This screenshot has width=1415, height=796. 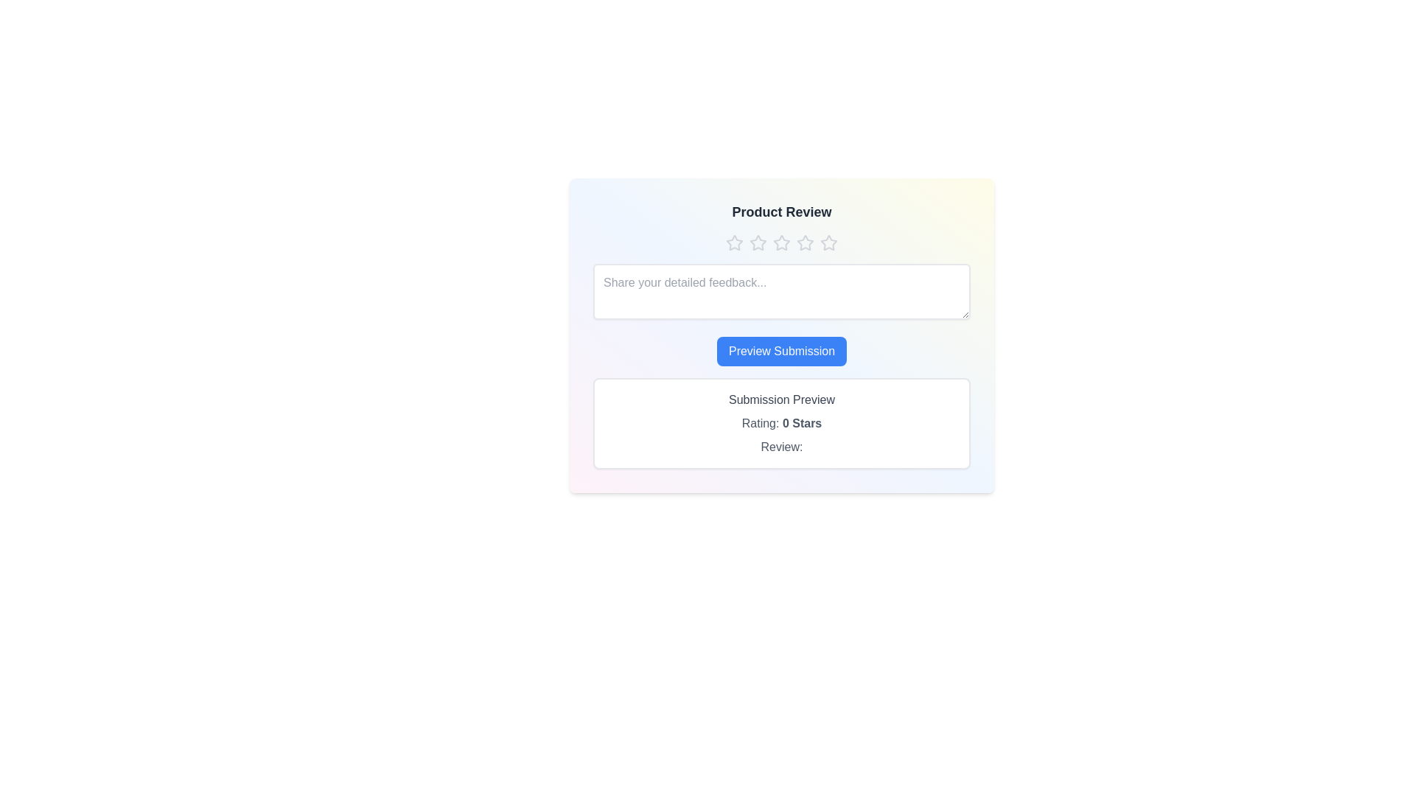 I want to click on the star corresponding to the desired rating of 5 stars, so click(x=828, y=242).